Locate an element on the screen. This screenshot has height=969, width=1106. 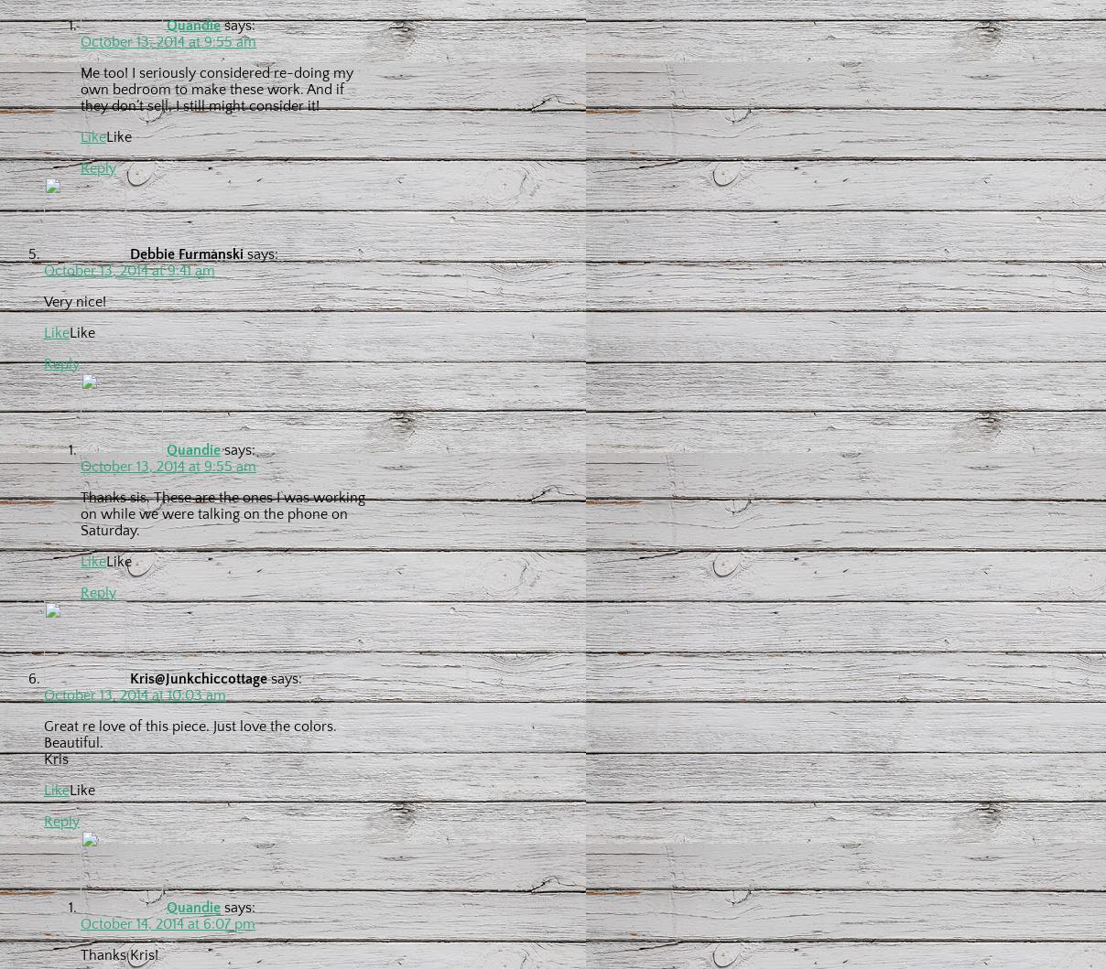
'October 13, 2014 at 9:41 am' is located at coordinates (128, 270).